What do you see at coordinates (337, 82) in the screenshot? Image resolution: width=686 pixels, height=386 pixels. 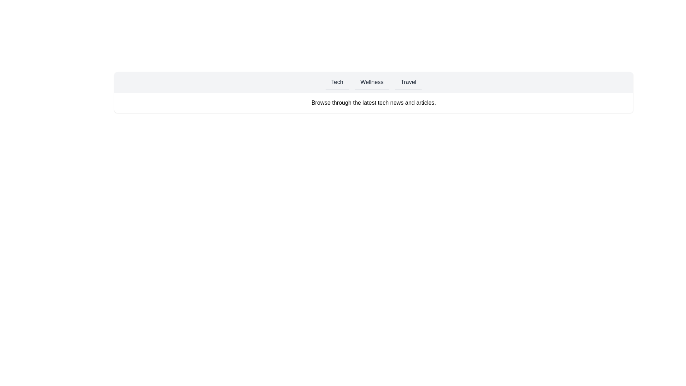 I see `the Tech tab to view its hover effect` at bounding box center [337, 82].